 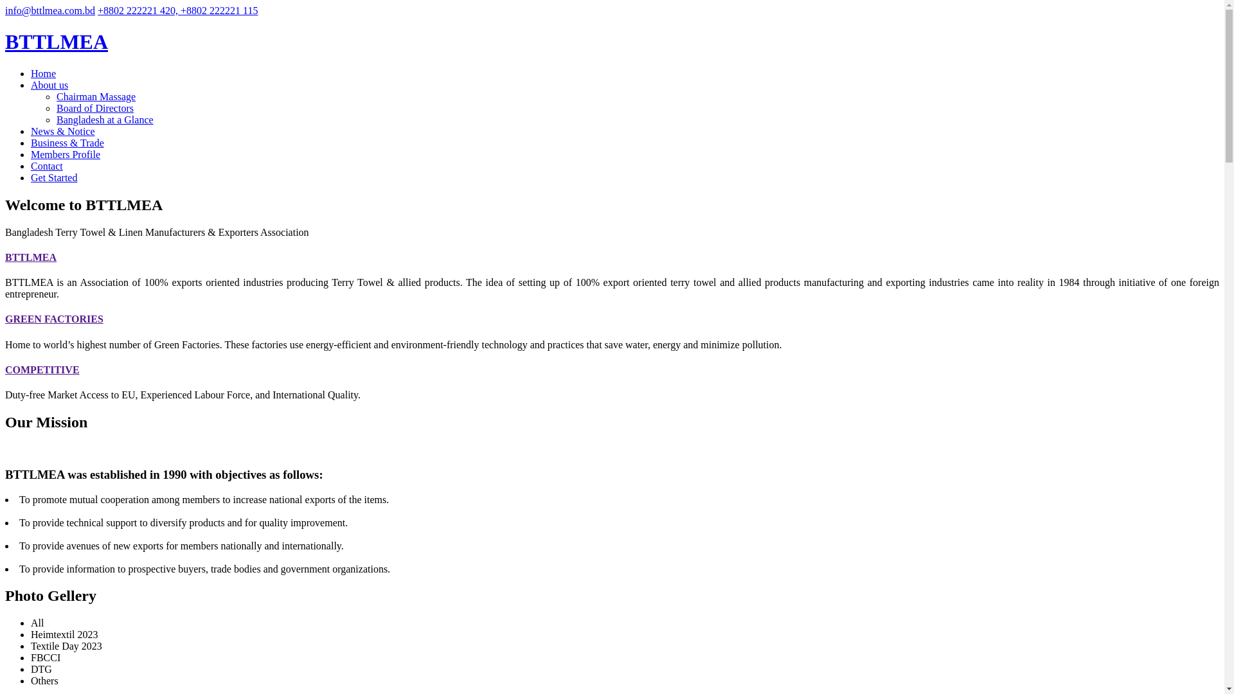 What do you see at coordinates (42, 369) in the screenshot?
I see `'COMPETITIVE'` at bounding box center [42, 369].